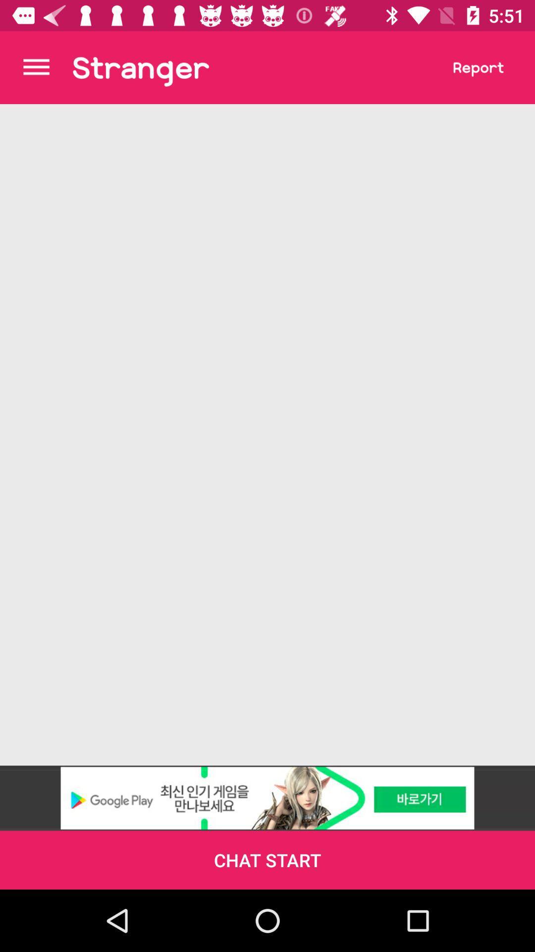 The height and width of the screenshot is (952, 535). Describe the element at coordinates (267, 435) in the screenshot. I see `the item at the center` at that location.